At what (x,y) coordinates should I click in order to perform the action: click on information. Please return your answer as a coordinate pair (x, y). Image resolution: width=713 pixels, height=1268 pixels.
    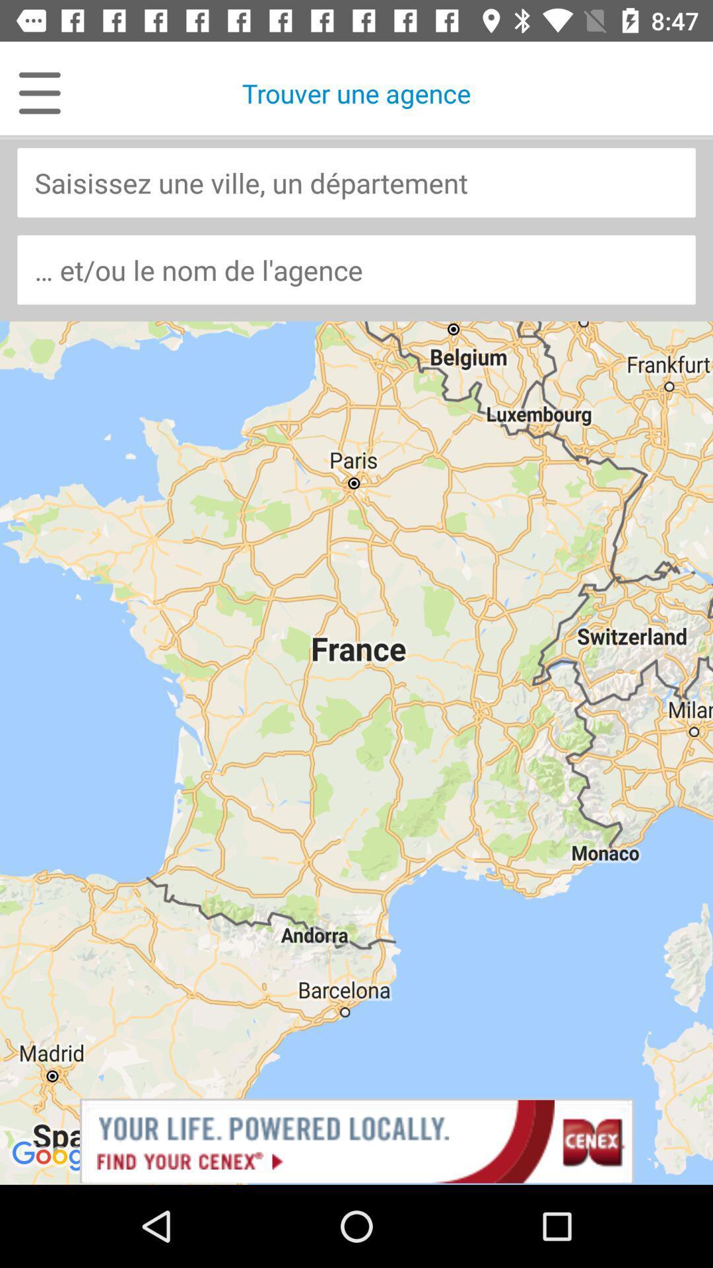
    Looking at the image, I should click on (356, 182).